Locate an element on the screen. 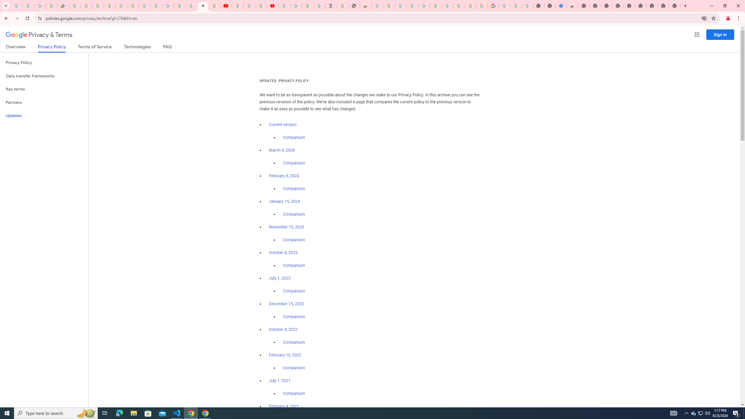  'Chrome Web Store - Accessibility extensions' is located at coordinates (572, 6).